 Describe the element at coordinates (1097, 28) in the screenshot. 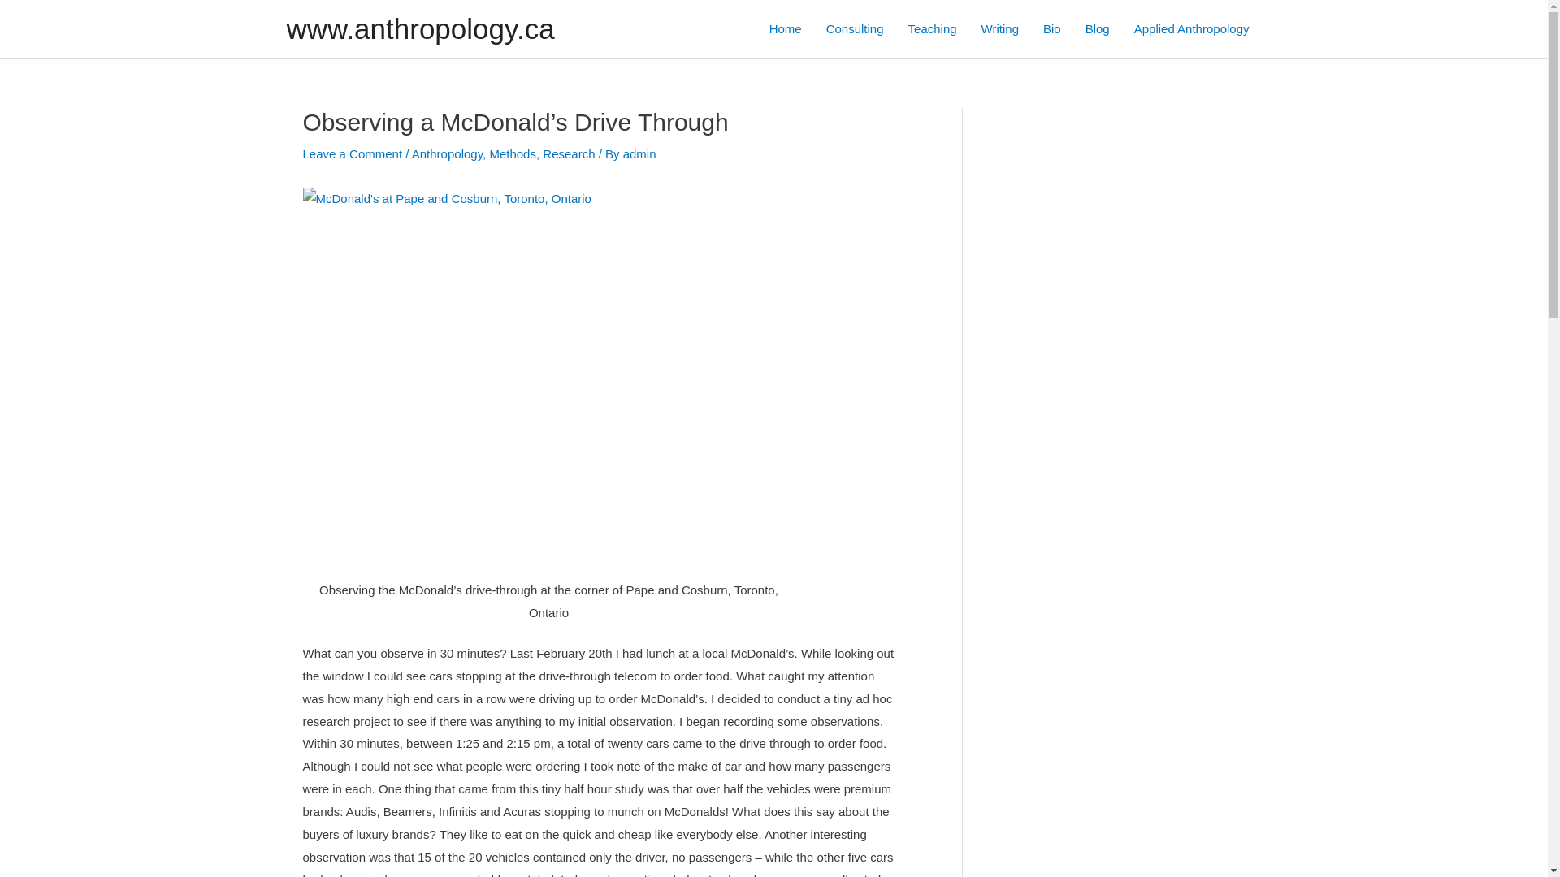

I see `'Blog'` at that location.